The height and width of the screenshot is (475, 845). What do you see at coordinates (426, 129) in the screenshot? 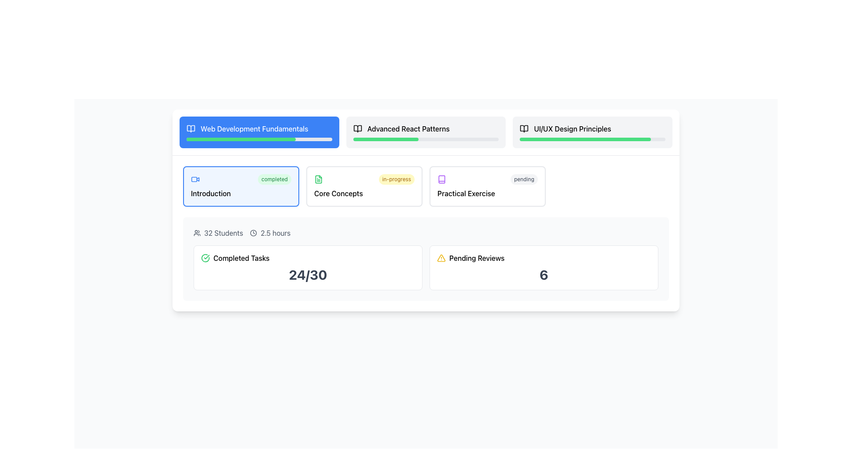
I see `the text with icon label 'Advanced React Patterns' which is positioned between 'Web Development Fundamentals' and 'UI/UX Design Principles'` at bounding box center [426, 129].